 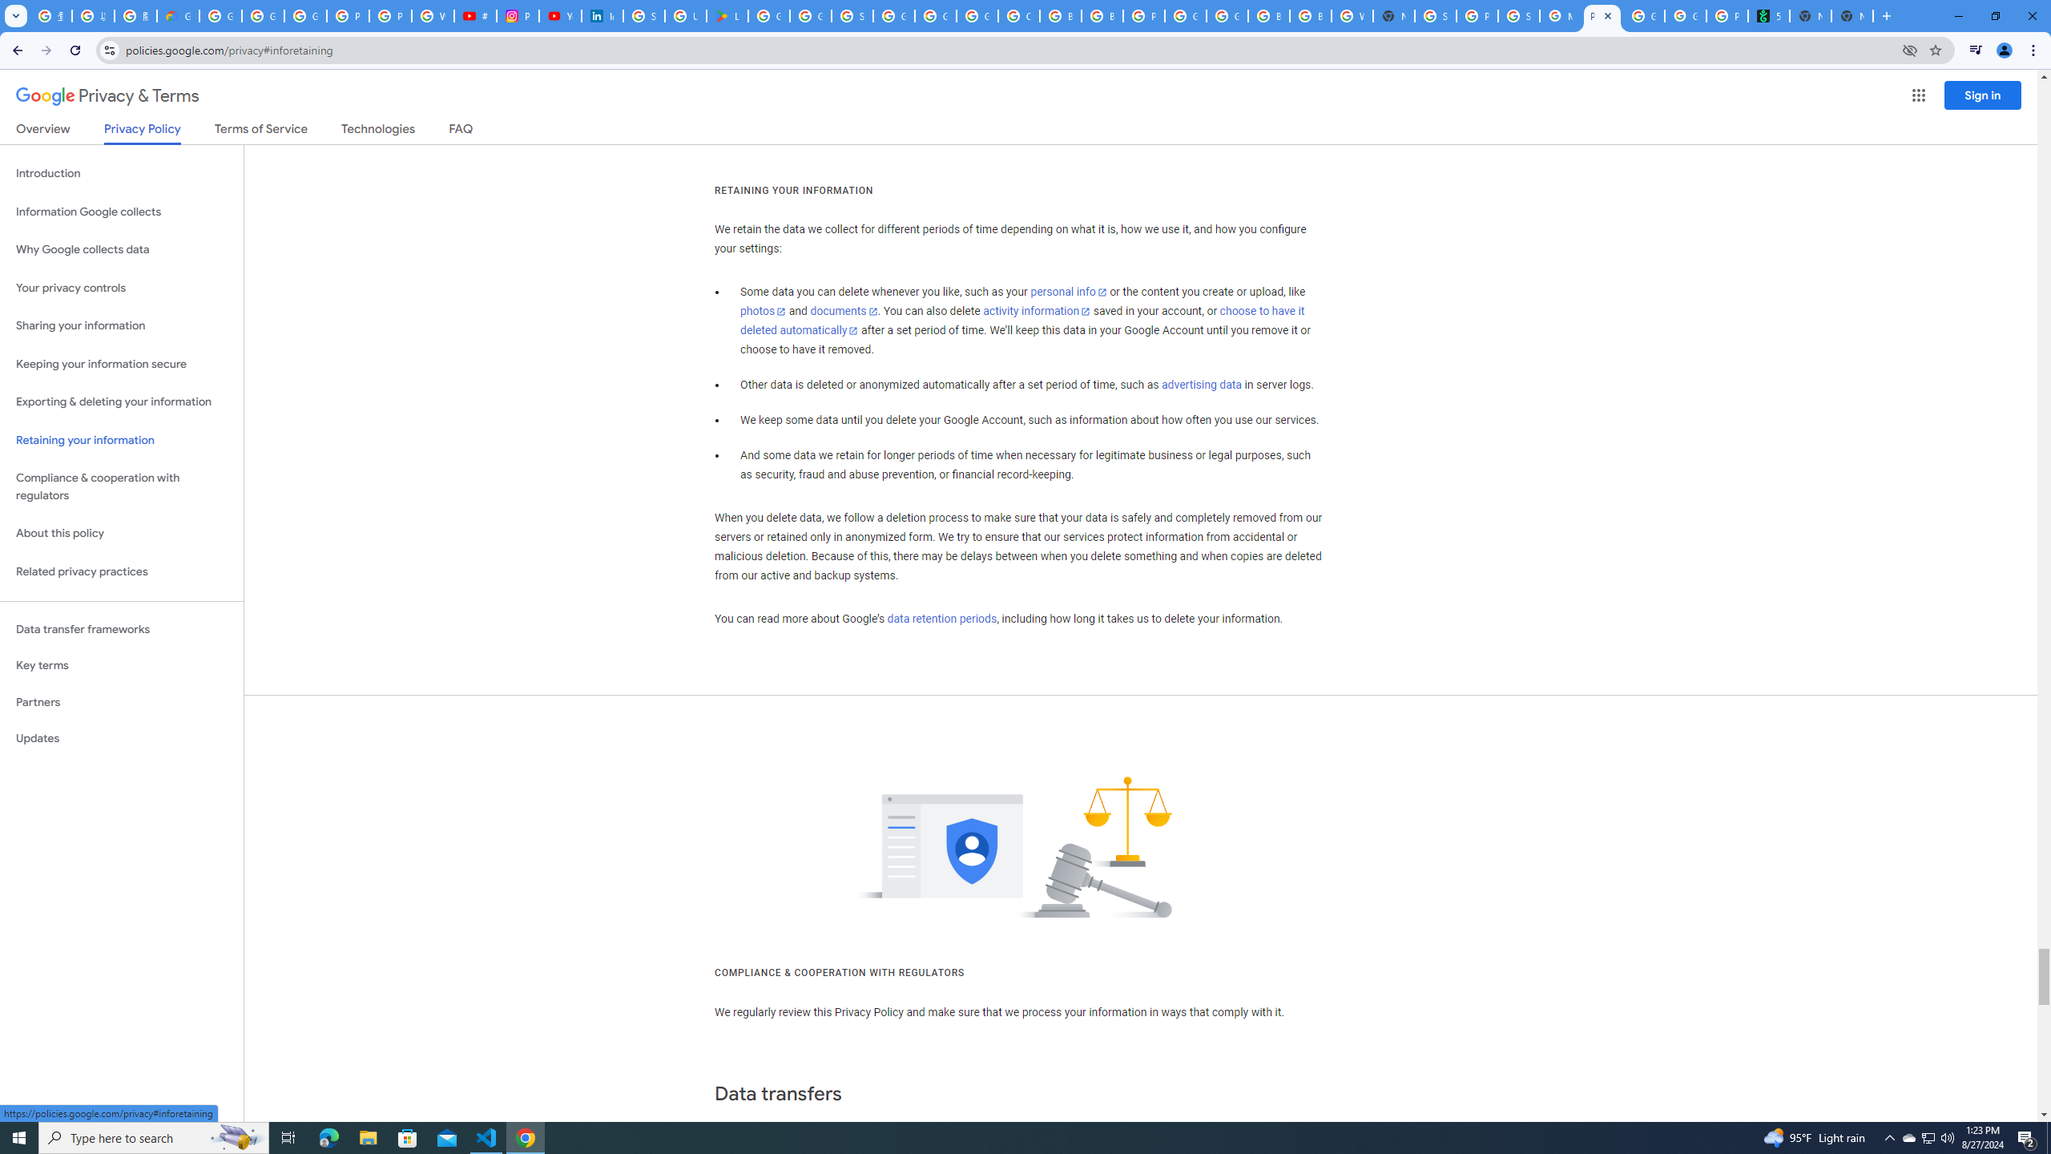 What do you see at coordinates (140, 132) in the screenshot?
I see `'Privacy Policy'` at bounding box center [140, 132].